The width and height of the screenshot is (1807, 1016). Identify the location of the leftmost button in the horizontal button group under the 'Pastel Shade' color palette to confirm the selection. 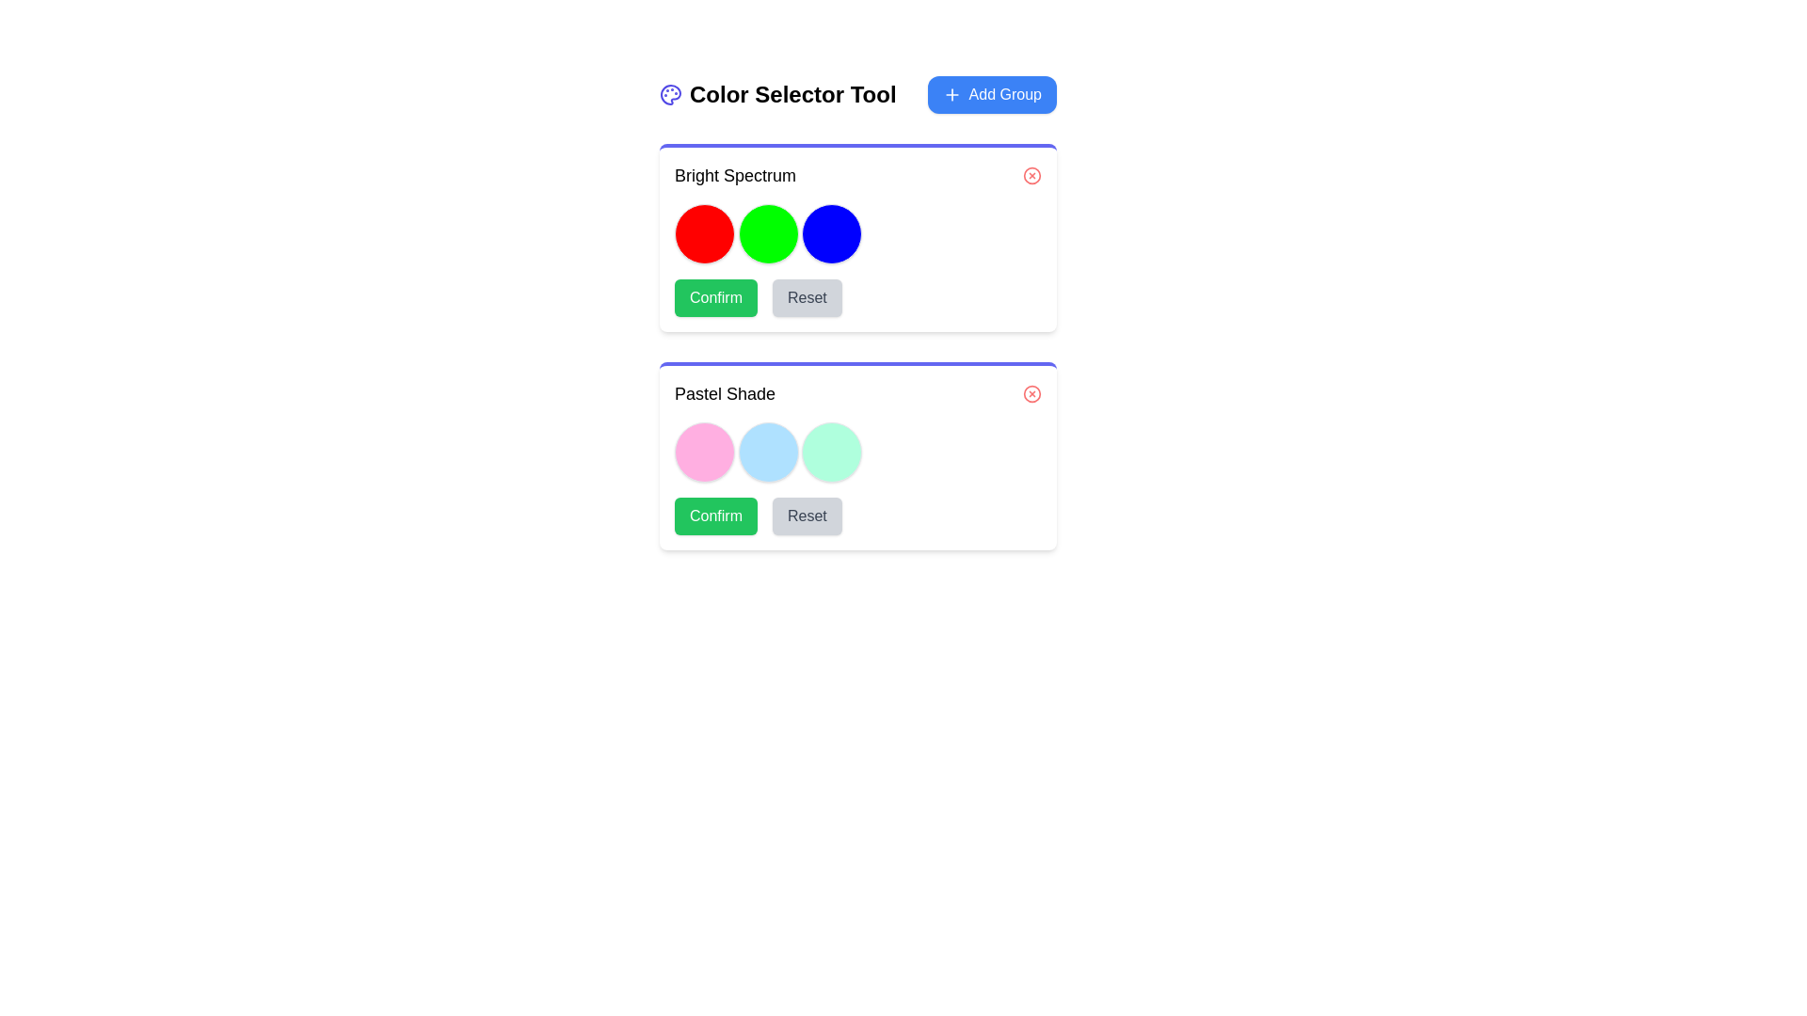
(715, 516).